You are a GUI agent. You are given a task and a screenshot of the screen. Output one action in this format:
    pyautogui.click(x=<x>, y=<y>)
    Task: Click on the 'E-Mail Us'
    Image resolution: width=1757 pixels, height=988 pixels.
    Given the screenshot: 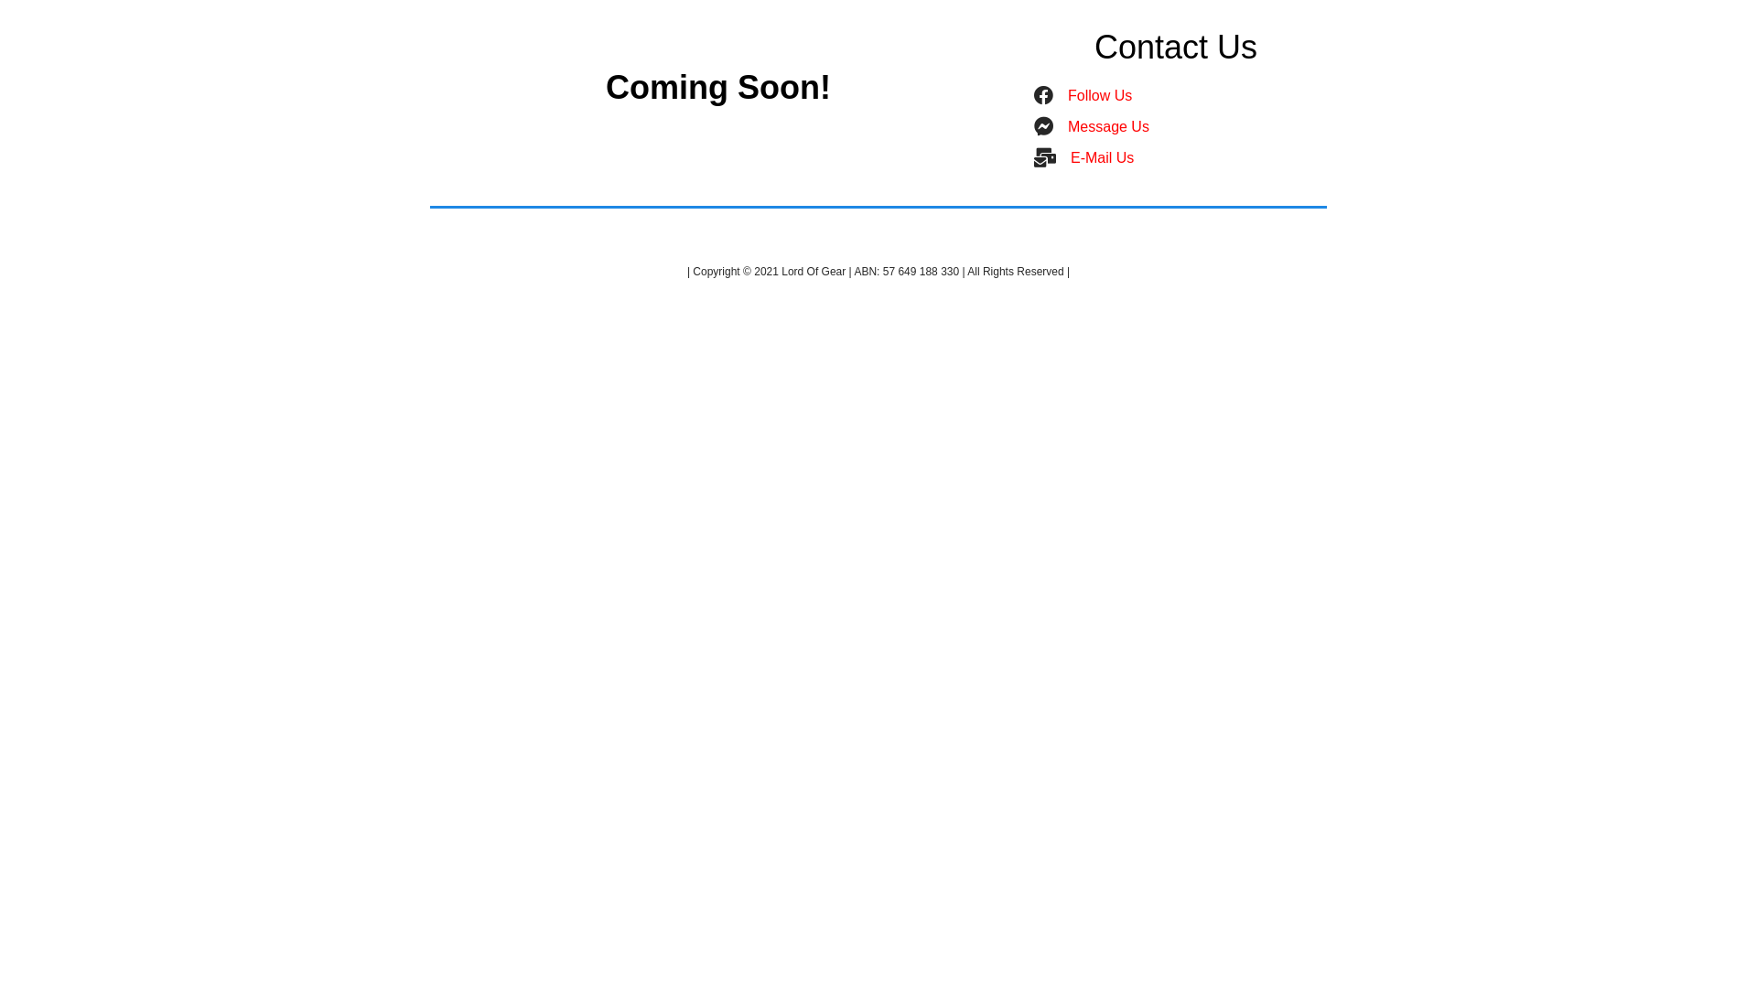 What is the action you would take?
    pyautogui.click(x=1071, y=156)
    